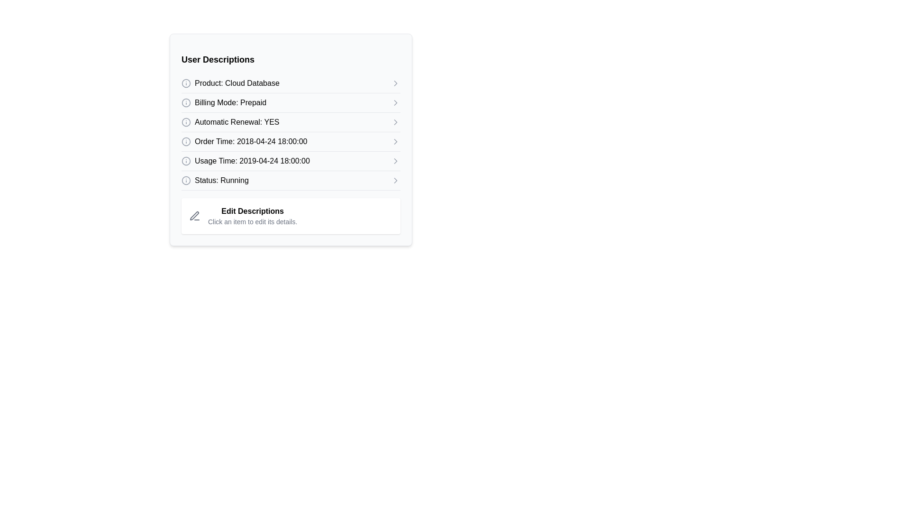  I want to click on the header text element that indicates the section for editing descriptions, which provides context for user interaction, so click(253, 211).